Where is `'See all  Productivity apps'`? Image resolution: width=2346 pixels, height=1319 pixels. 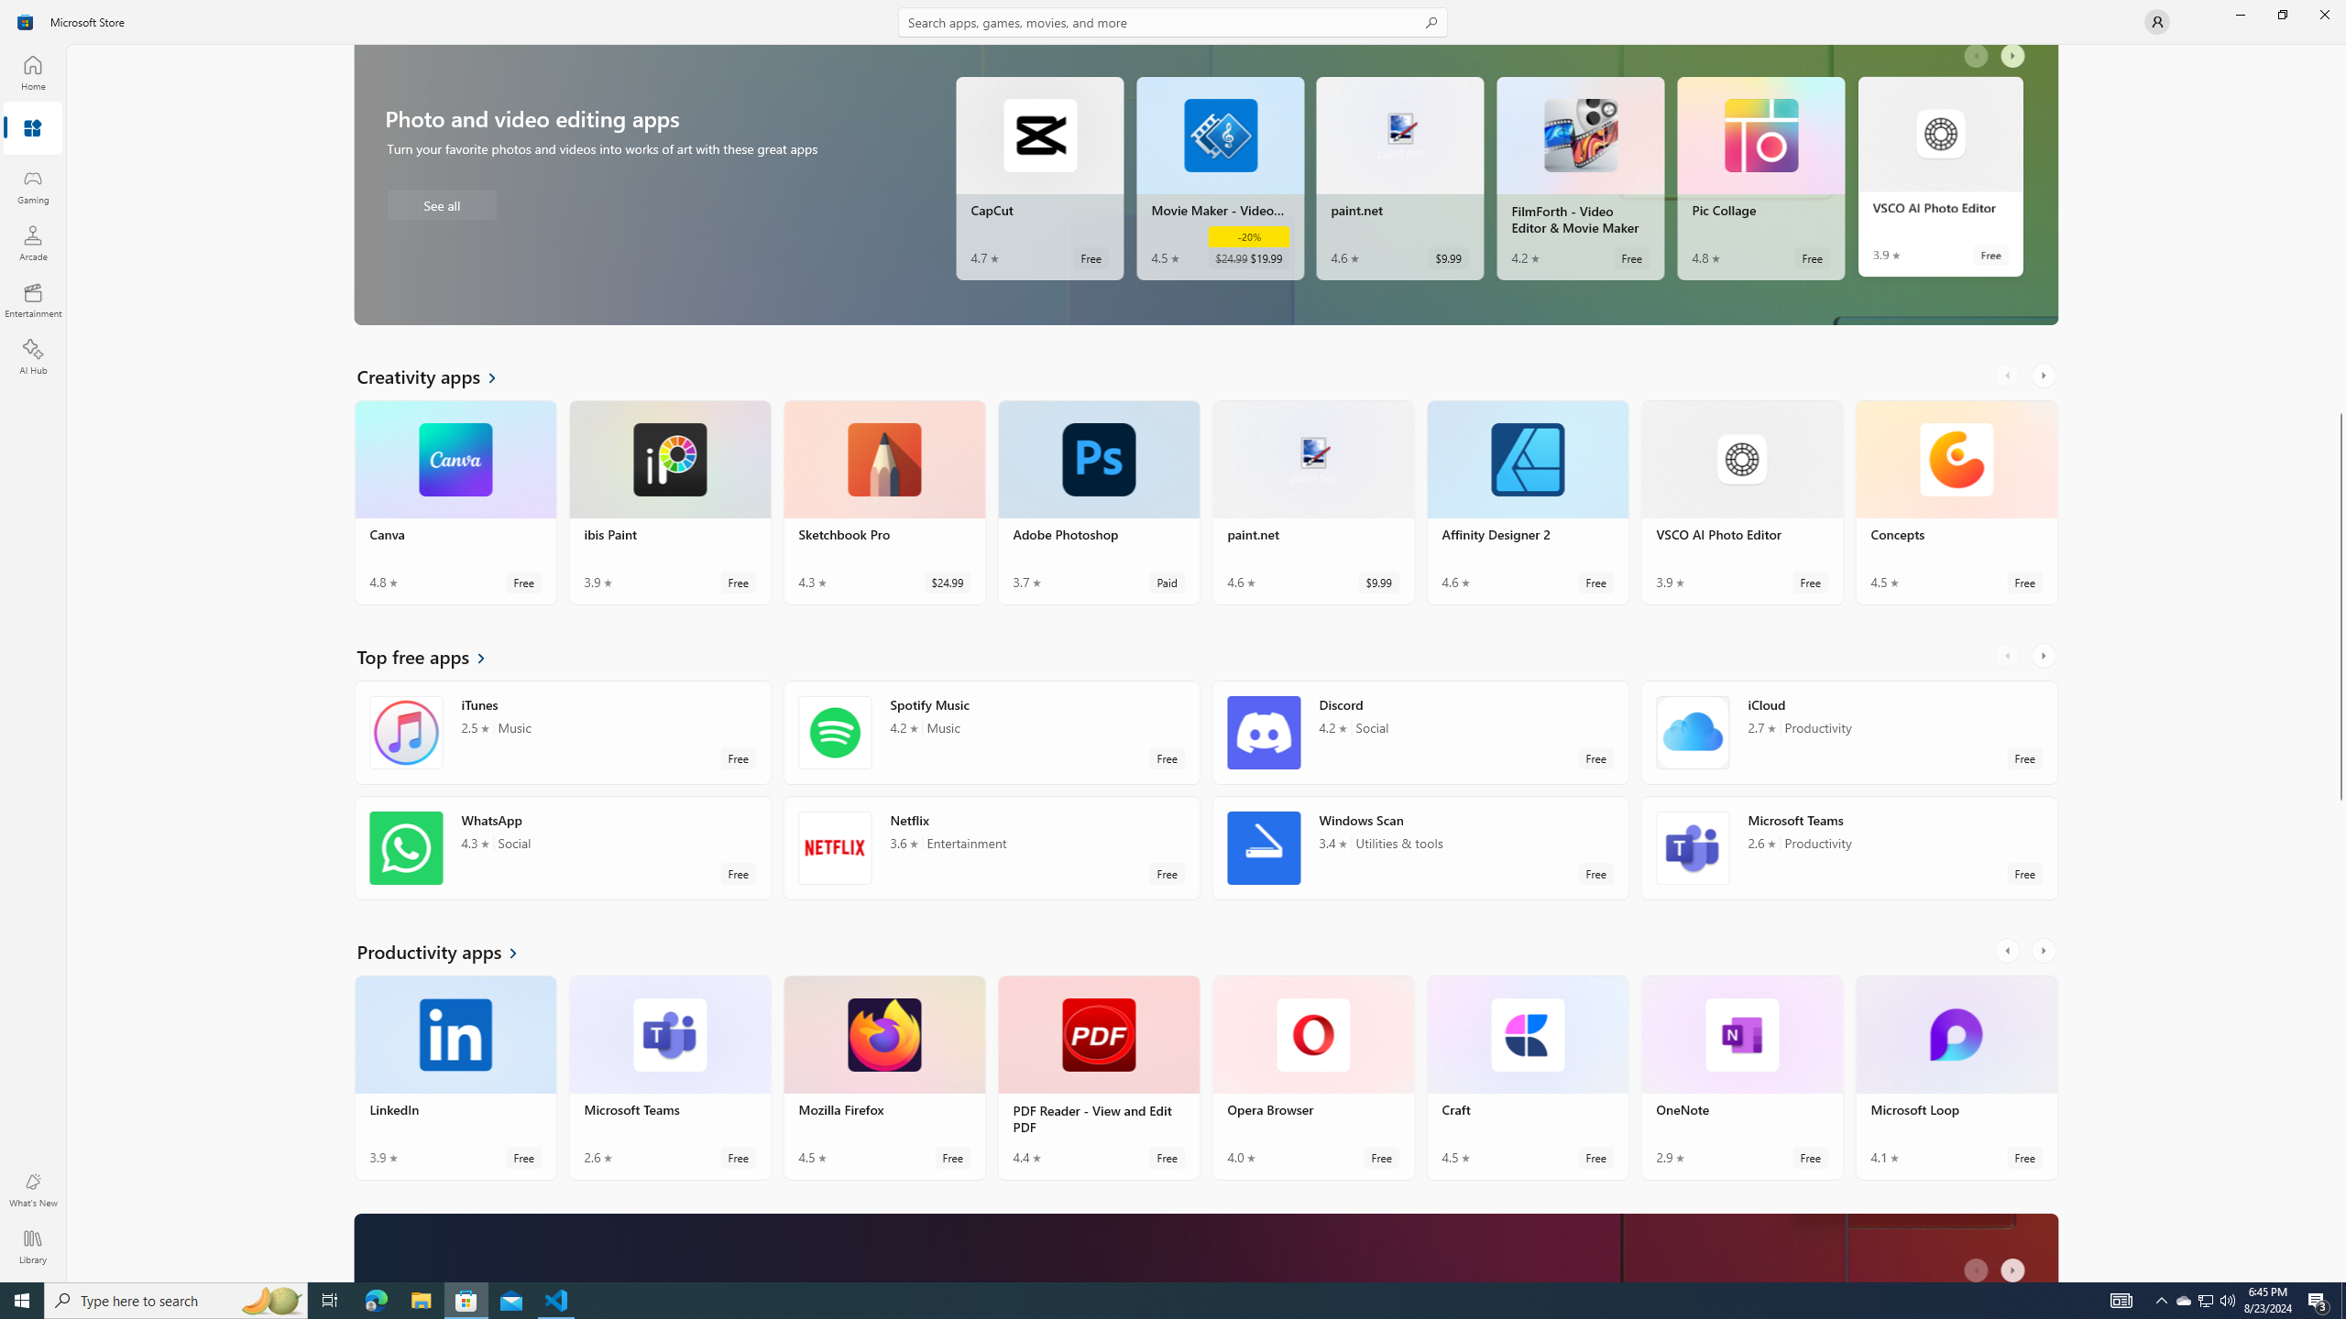
'See all  Productivity apps' is located at coordinates (447, 950).